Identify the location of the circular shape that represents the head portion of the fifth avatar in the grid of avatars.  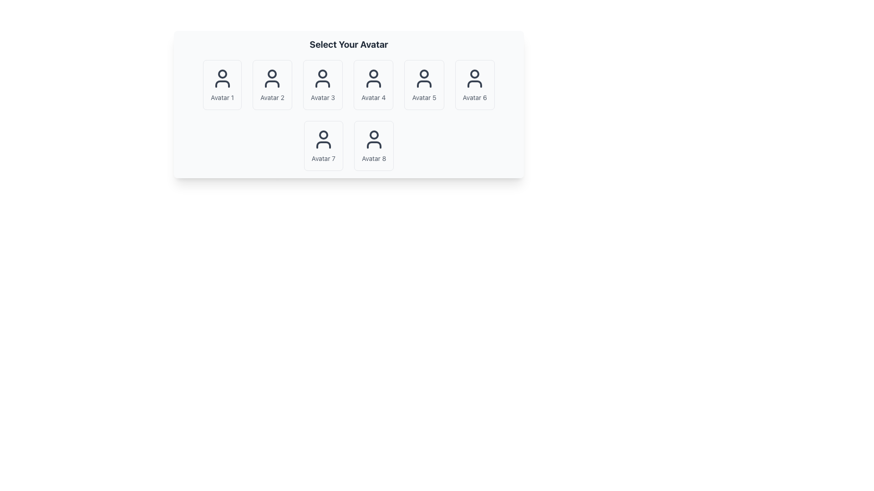
(423, 73).